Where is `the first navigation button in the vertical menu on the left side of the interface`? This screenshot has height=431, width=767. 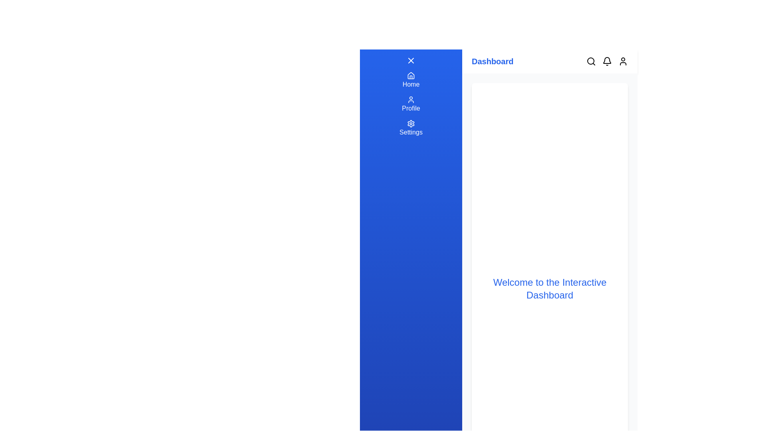
the first navigation button in the vertical menu on the left side of the interface is located at coordinates (411, 80).